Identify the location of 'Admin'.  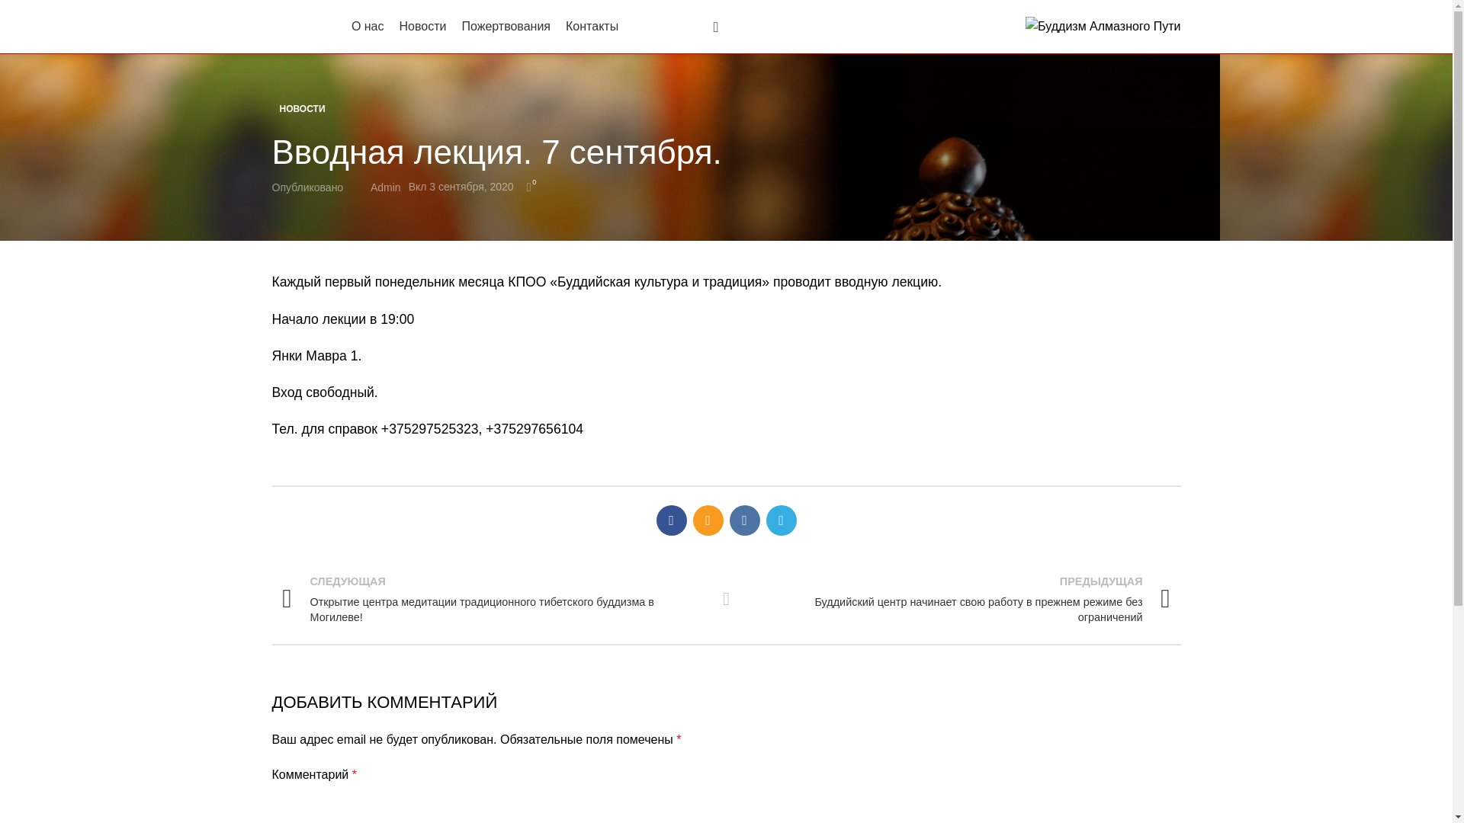
(385, 187).